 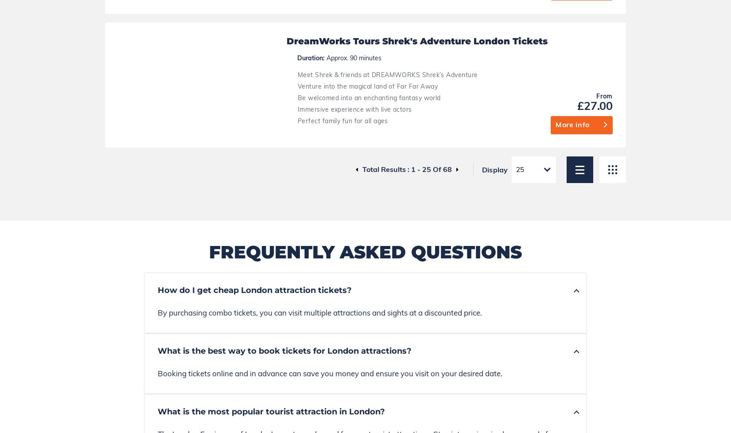 What do you see at coordinates (356, 119) in the screenshot?
I see `'The London Eye is one of London’s most popular and famous tourist attractions. Step into an iconic glass capsule for incredible 360-degree views of the capital.'` at bounding box center [356, 119].